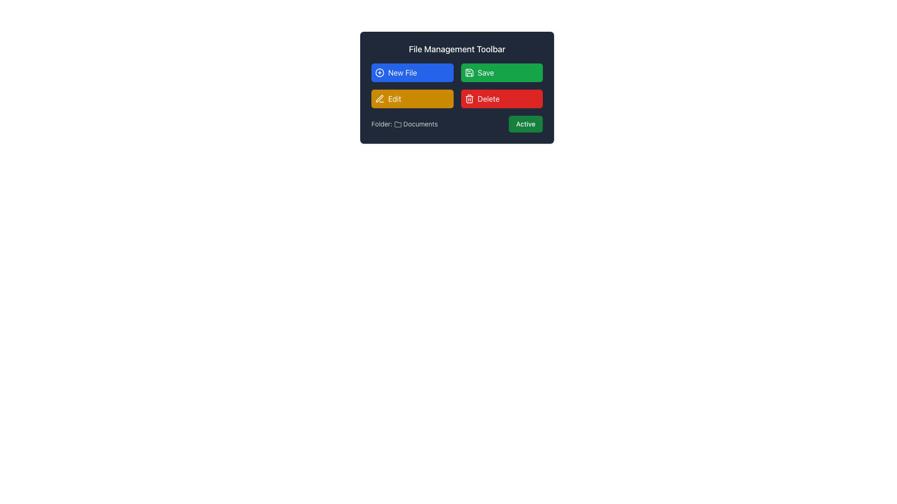 This screenshot has width=897, height=504. Describe the element at coordinates (402, 72) in the screenshot. I see `the 'New File' text label located at the top left corner of the toolbar, which is adjacent to a plus sign icon` at that location.